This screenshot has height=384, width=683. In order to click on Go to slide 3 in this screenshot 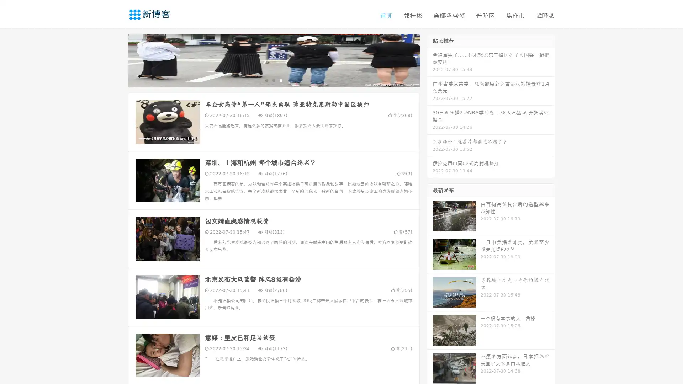, I will do `click(281, 80)`.